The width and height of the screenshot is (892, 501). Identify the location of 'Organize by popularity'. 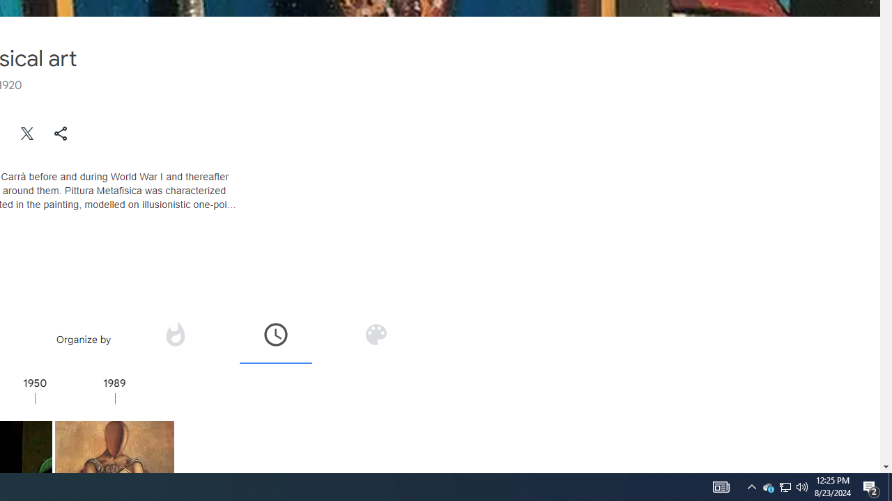
(174, 339).